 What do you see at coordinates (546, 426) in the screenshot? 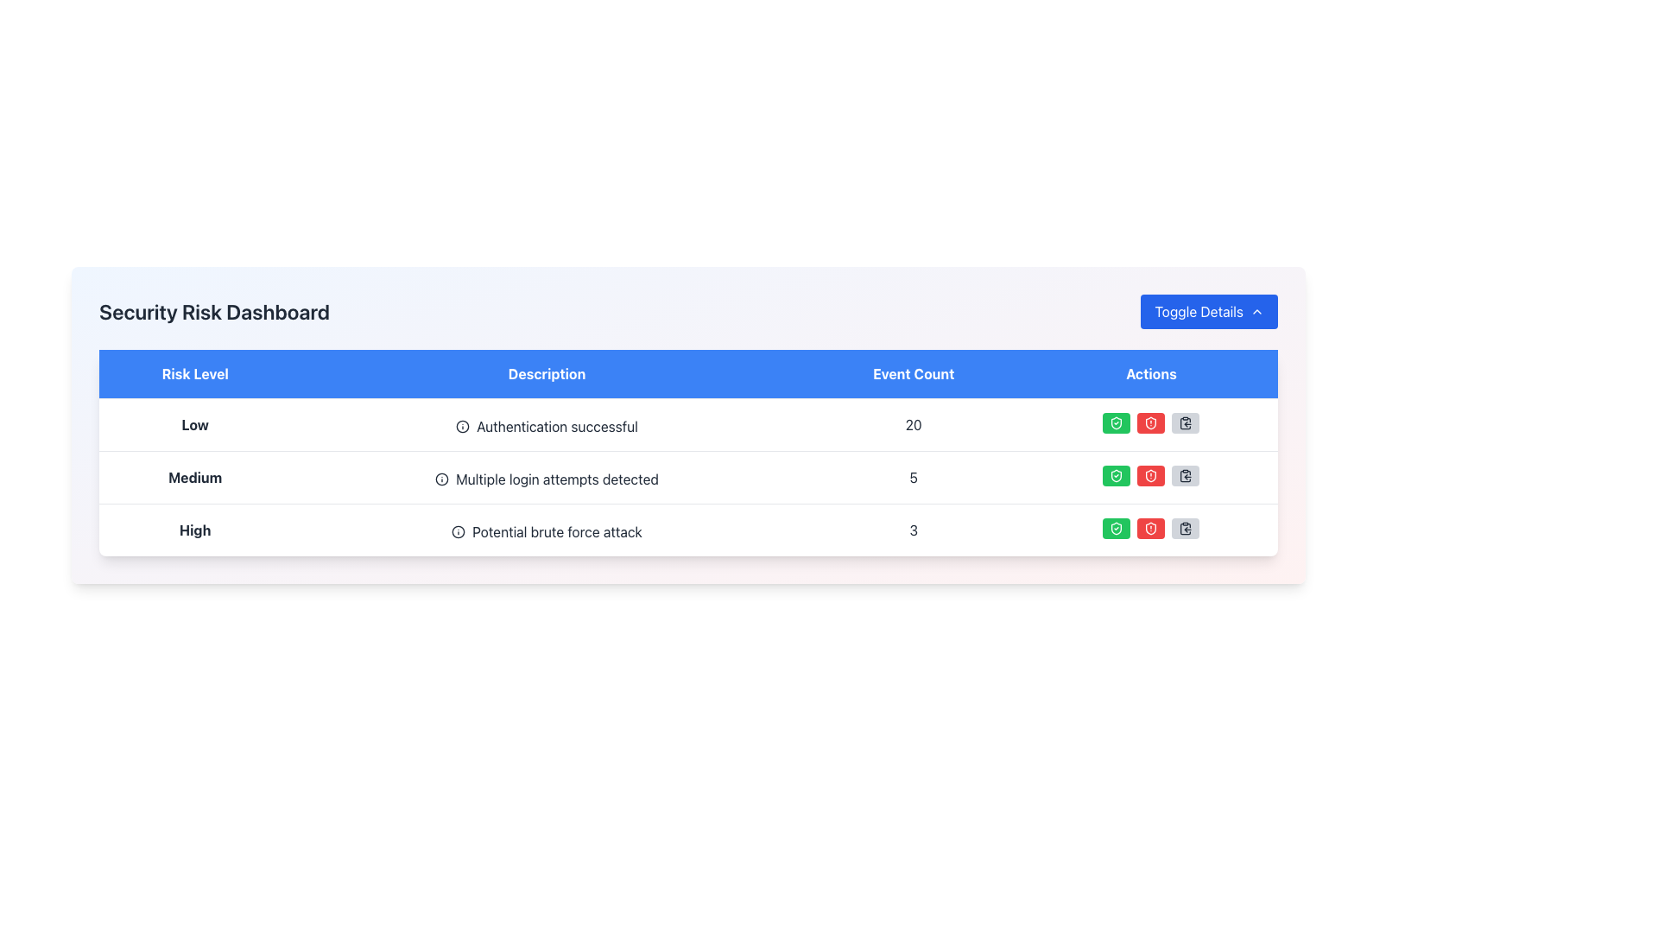
I see `the text label displaying 'Authentication successful' located in the 'Description' column of the 'Low' risk level row to read its content` at bounding box center [546, 426].